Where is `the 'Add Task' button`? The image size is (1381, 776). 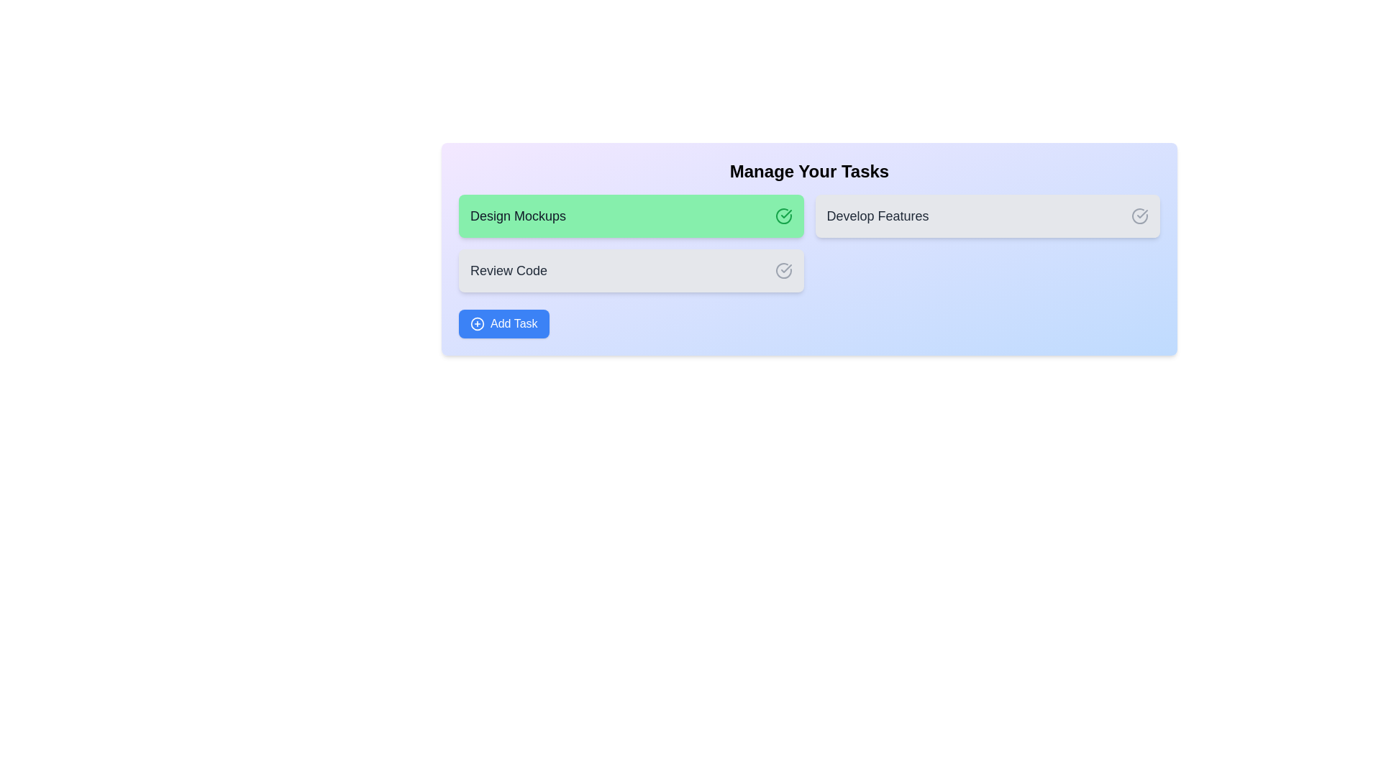
the 'Add Task' button is located at coordinates (503, 324).